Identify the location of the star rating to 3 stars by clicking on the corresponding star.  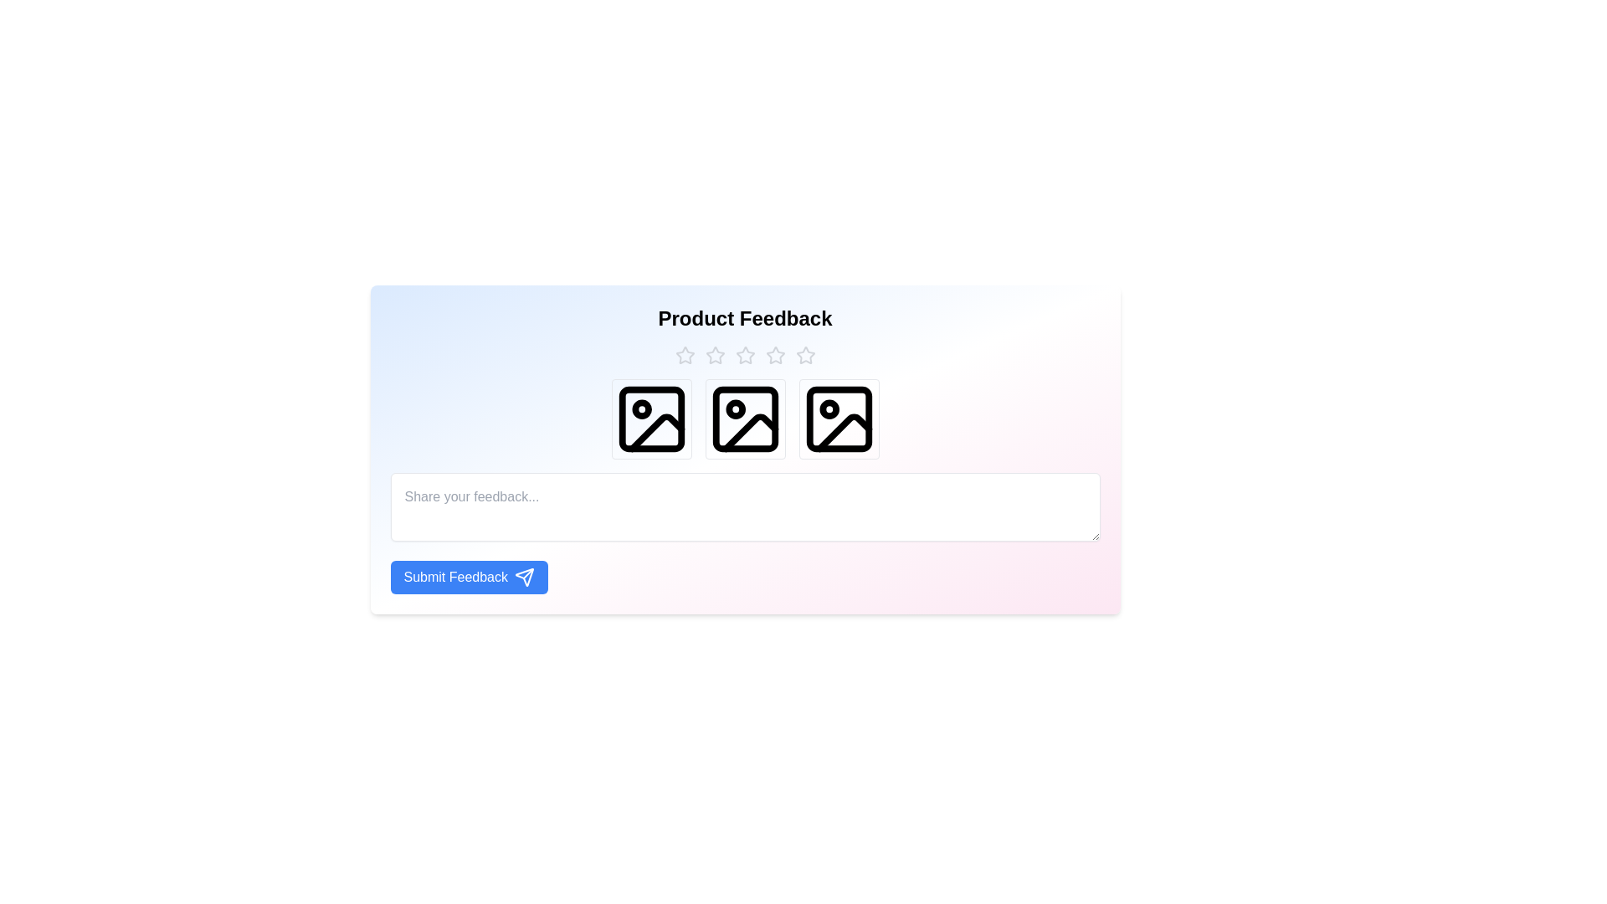
(744, 354).